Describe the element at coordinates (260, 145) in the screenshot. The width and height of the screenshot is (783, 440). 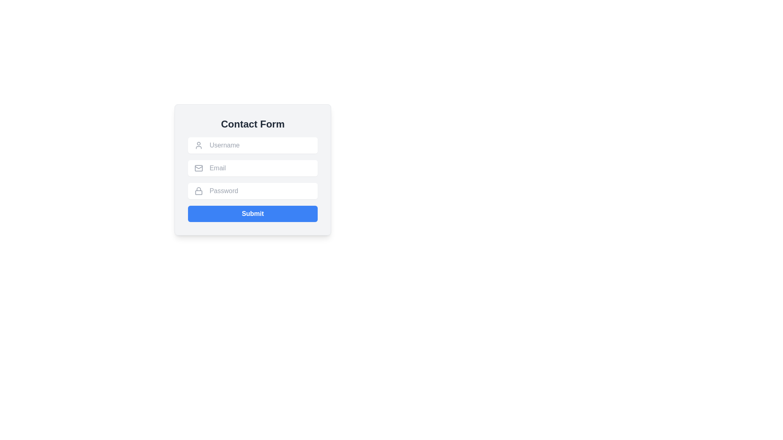
I see `the username input field in the 'Contact Form' to focus on it` at that location.